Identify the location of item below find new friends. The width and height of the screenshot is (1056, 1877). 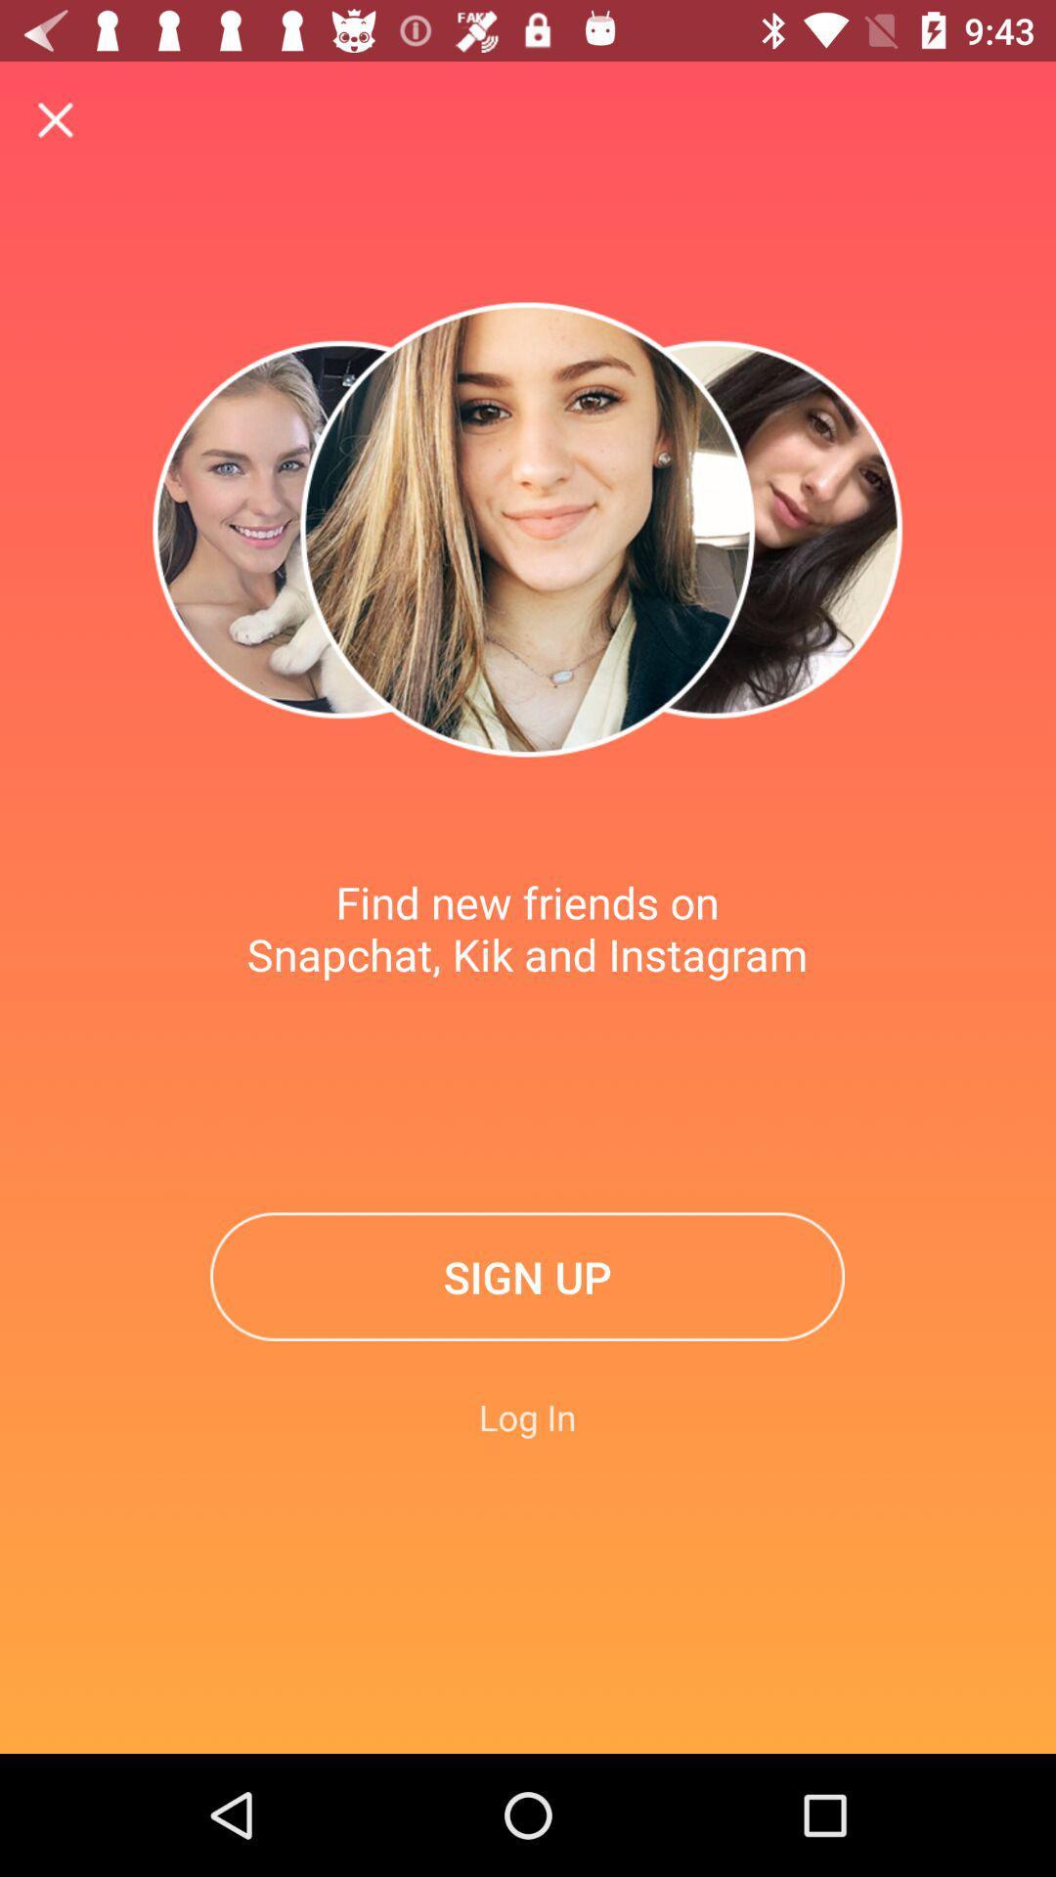
(526, 1277).